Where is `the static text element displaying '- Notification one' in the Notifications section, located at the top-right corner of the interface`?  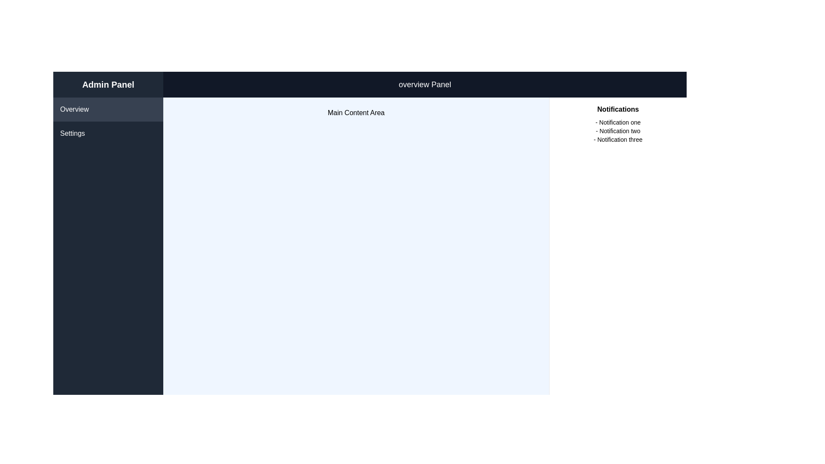 the static text element displaying '- Notification one' in the Notifications section, located at the top-right corner of the interface is located at coordinates (617, 122).